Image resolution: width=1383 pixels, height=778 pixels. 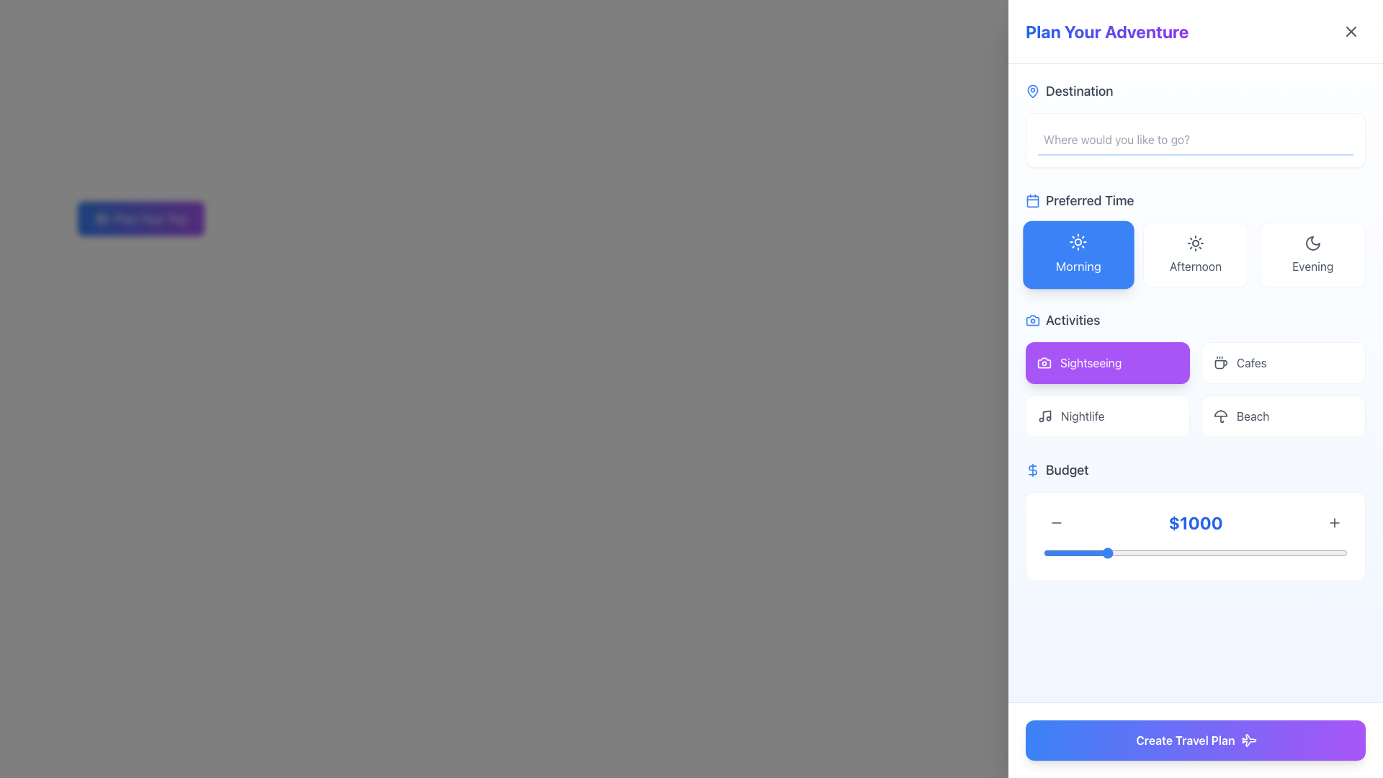 I want to click on the 'Afternoon' button, which is the center item in a group of three buttons under the 'Preferred Time' label, so click(x=1196, y=254).